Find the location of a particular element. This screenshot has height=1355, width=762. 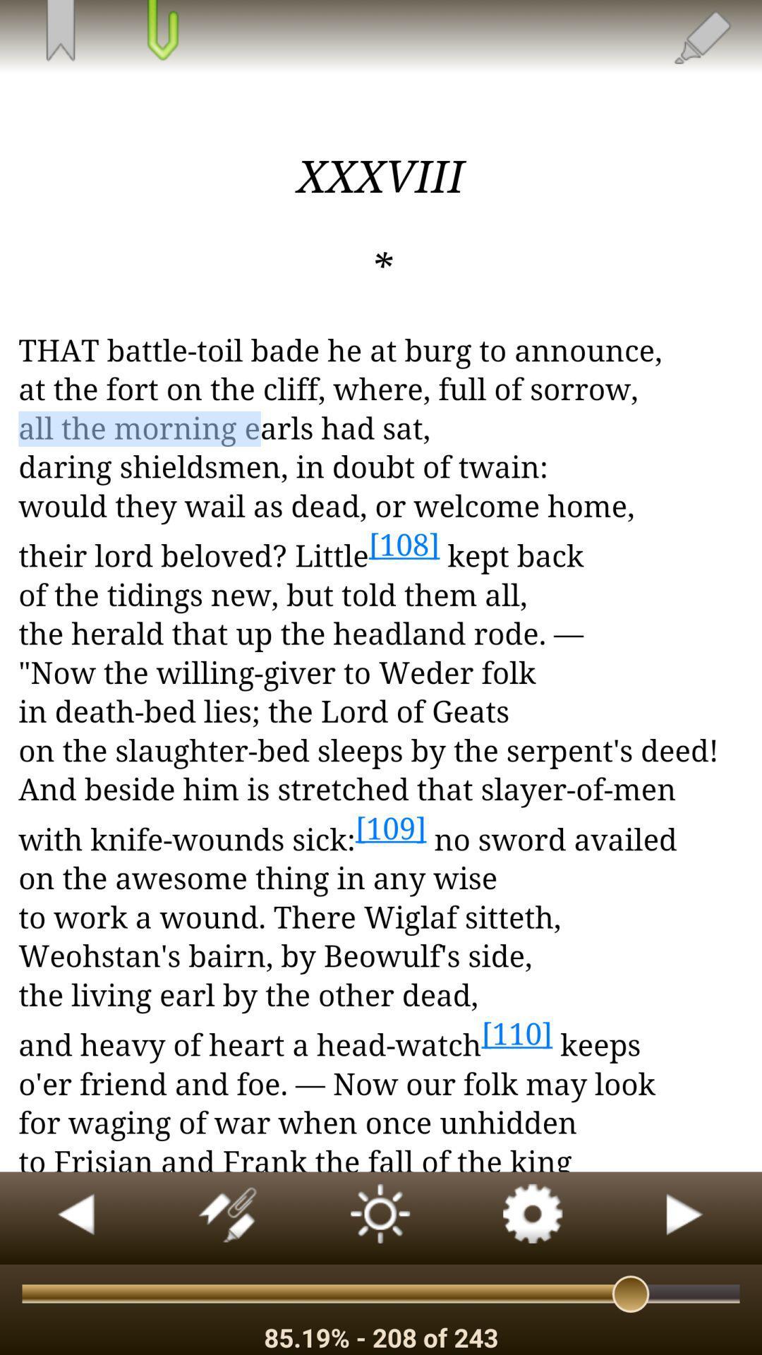

previous is located at coordinates (76, 1217).